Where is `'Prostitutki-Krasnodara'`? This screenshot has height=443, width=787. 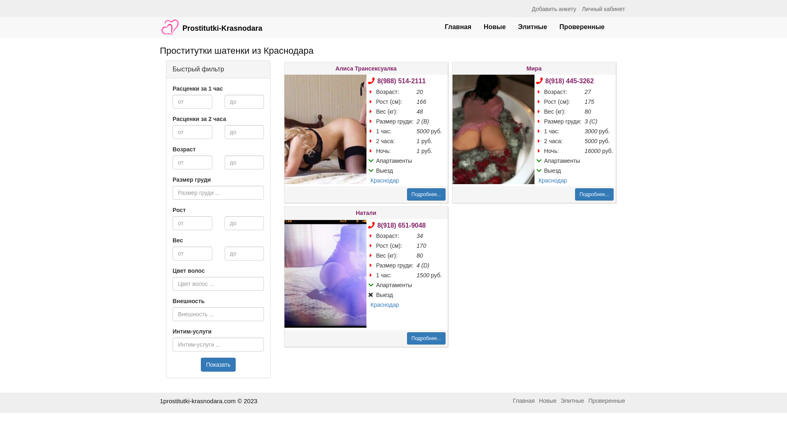 'Prostitutki-Krasnodara' is located at coordinates (211, 23).